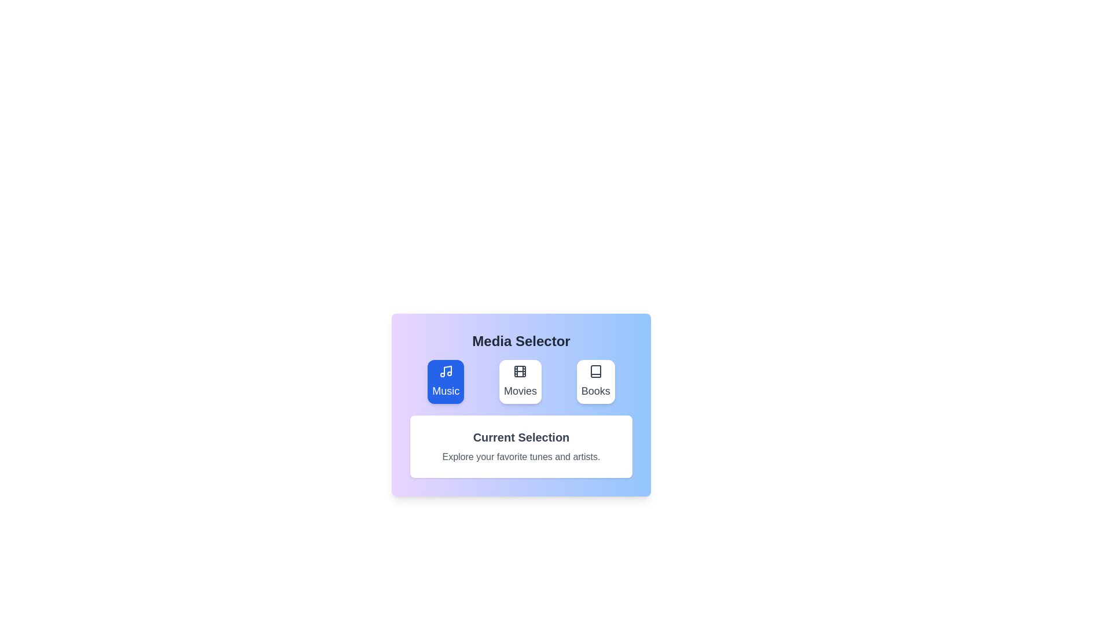 The image size is (1111, 625). I want to click on the 'Music', 'Movies', or 'Books' segment of the Media Selector tab group, so click(521, 381).